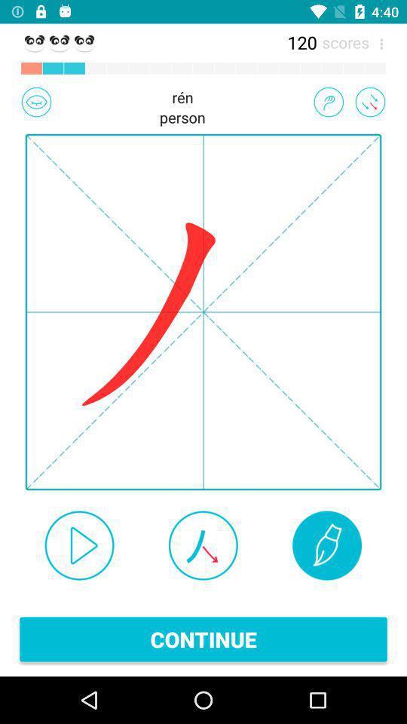 Image resolution: width=407 pixels, height=724 pixels. What do you see at coordinates (36, 101) in the screenshot?
I see `item next to the person icon` at bounding box center [36, 101].